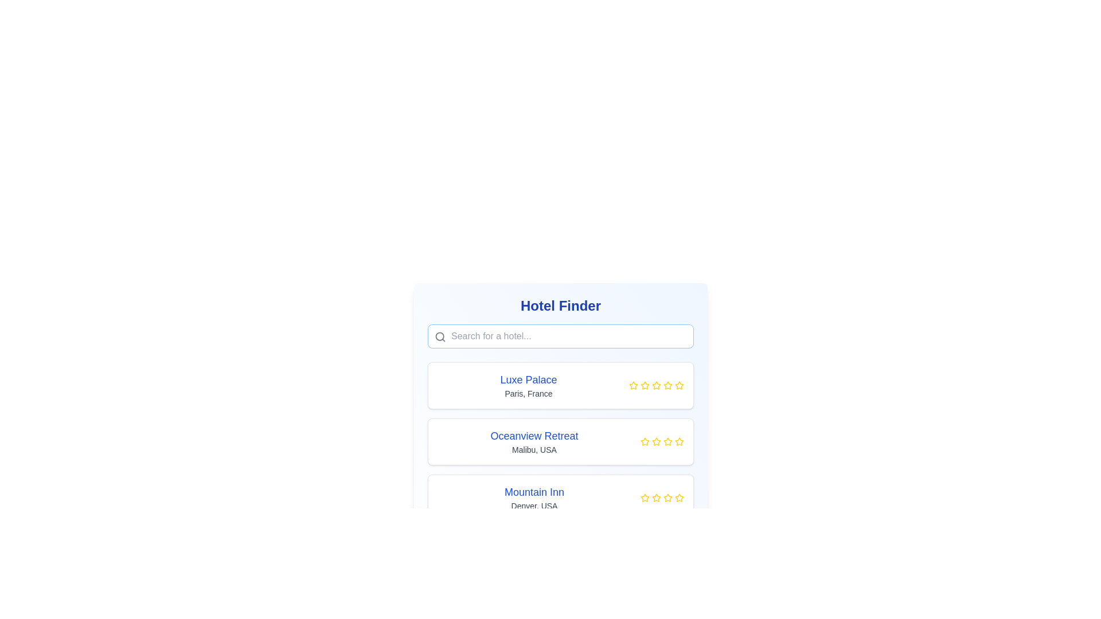  Describe the element at coordinates (645, 441) in the screenshot. I see `the first star icon` at that location.